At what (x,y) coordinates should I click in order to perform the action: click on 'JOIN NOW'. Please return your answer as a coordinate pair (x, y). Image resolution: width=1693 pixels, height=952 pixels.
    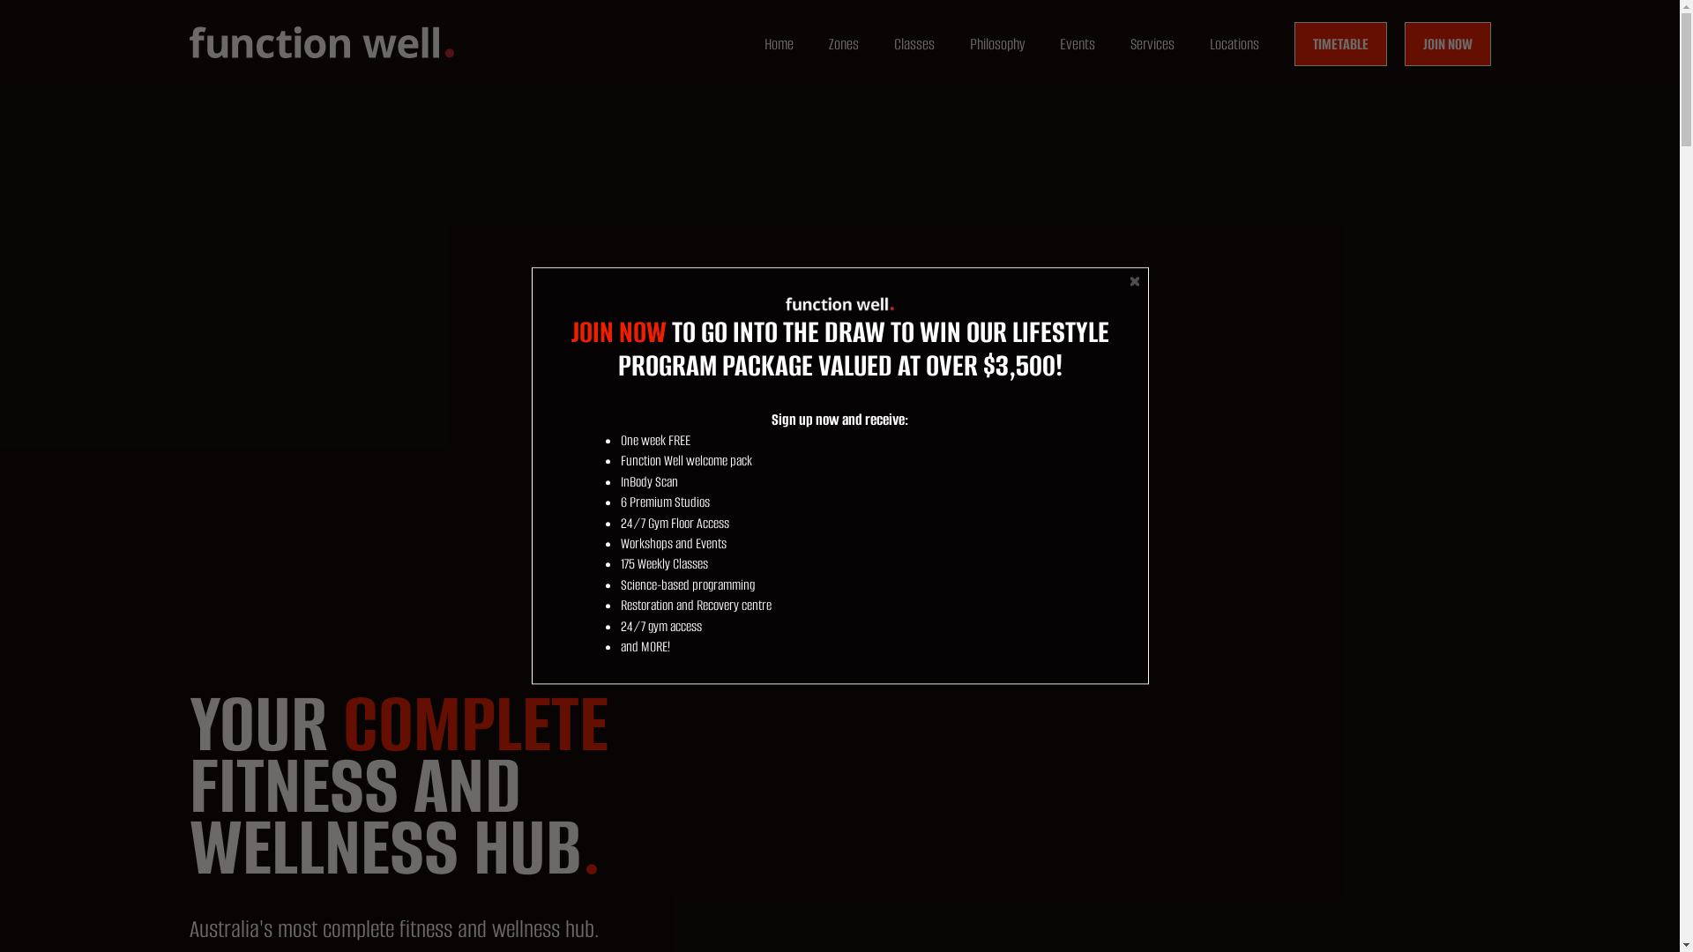
    Looking at the image, I should click on (1447, 43).